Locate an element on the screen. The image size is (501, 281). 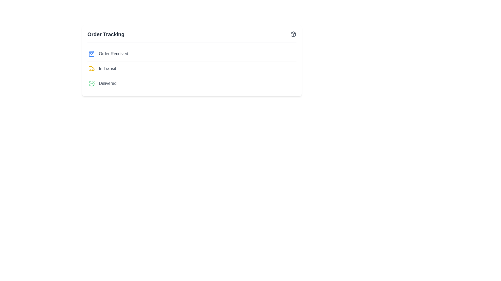
the order status item corresponding to Delivered is located at coordinates (107, 83).